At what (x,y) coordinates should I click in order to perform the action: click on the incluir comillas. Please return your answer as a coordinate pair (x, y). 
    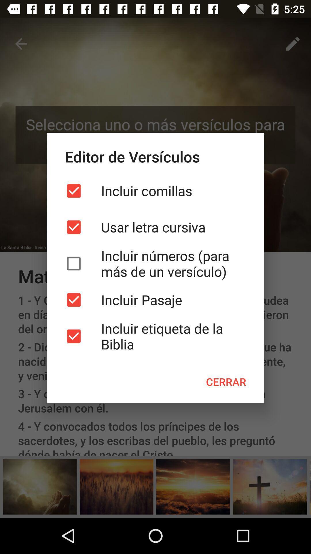
    Looking at the image, I should click on (155, 191).